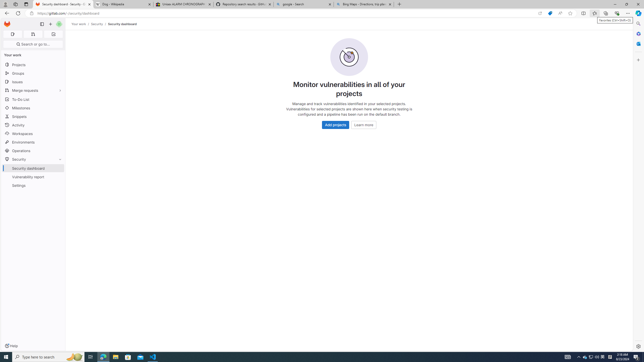 This screenshot has width=644, height=362. What do you see at coordinates (336, 124) in the screenshot?
I see `'Add projects'` at bounding box center [336, 124].